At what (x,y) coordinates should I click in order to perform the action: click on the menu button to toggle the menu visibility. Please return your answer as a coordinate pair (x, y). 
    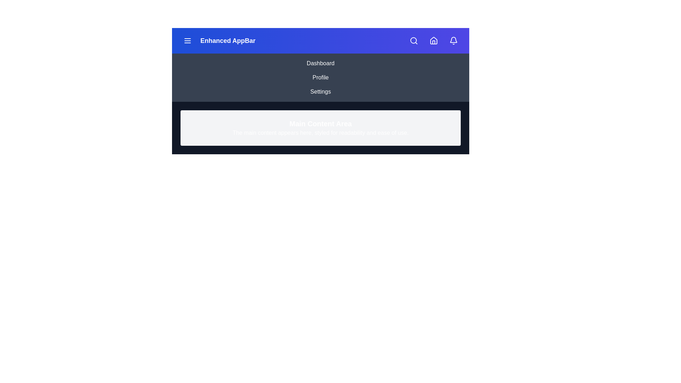
    Looking at the image, I should click on (187, 41).